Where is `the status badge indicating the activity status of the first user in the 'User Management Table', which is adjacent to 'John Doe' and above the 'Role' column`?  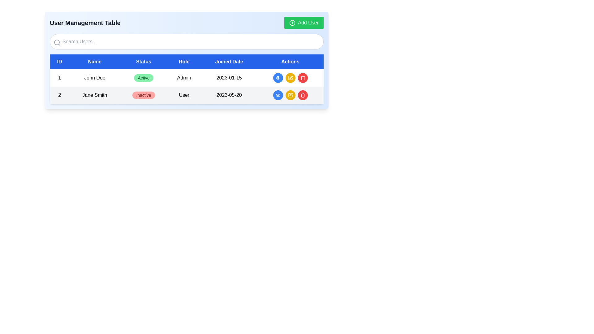
the status badge indicating the activity status of the first user in the 'User Management Table', which is adjacent to 'John Doe' and above the 'Role' column is located at coordinates (143, 77).